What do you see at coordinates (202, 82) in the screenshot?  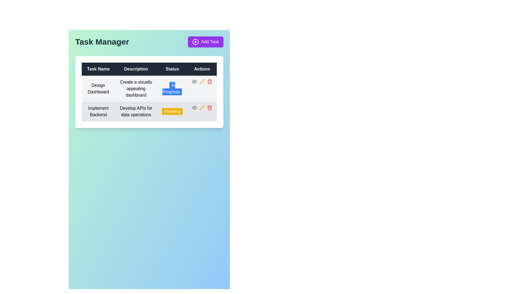 I see `the eye icon in the actions column of the task management table` at bounding box center [202, 82].